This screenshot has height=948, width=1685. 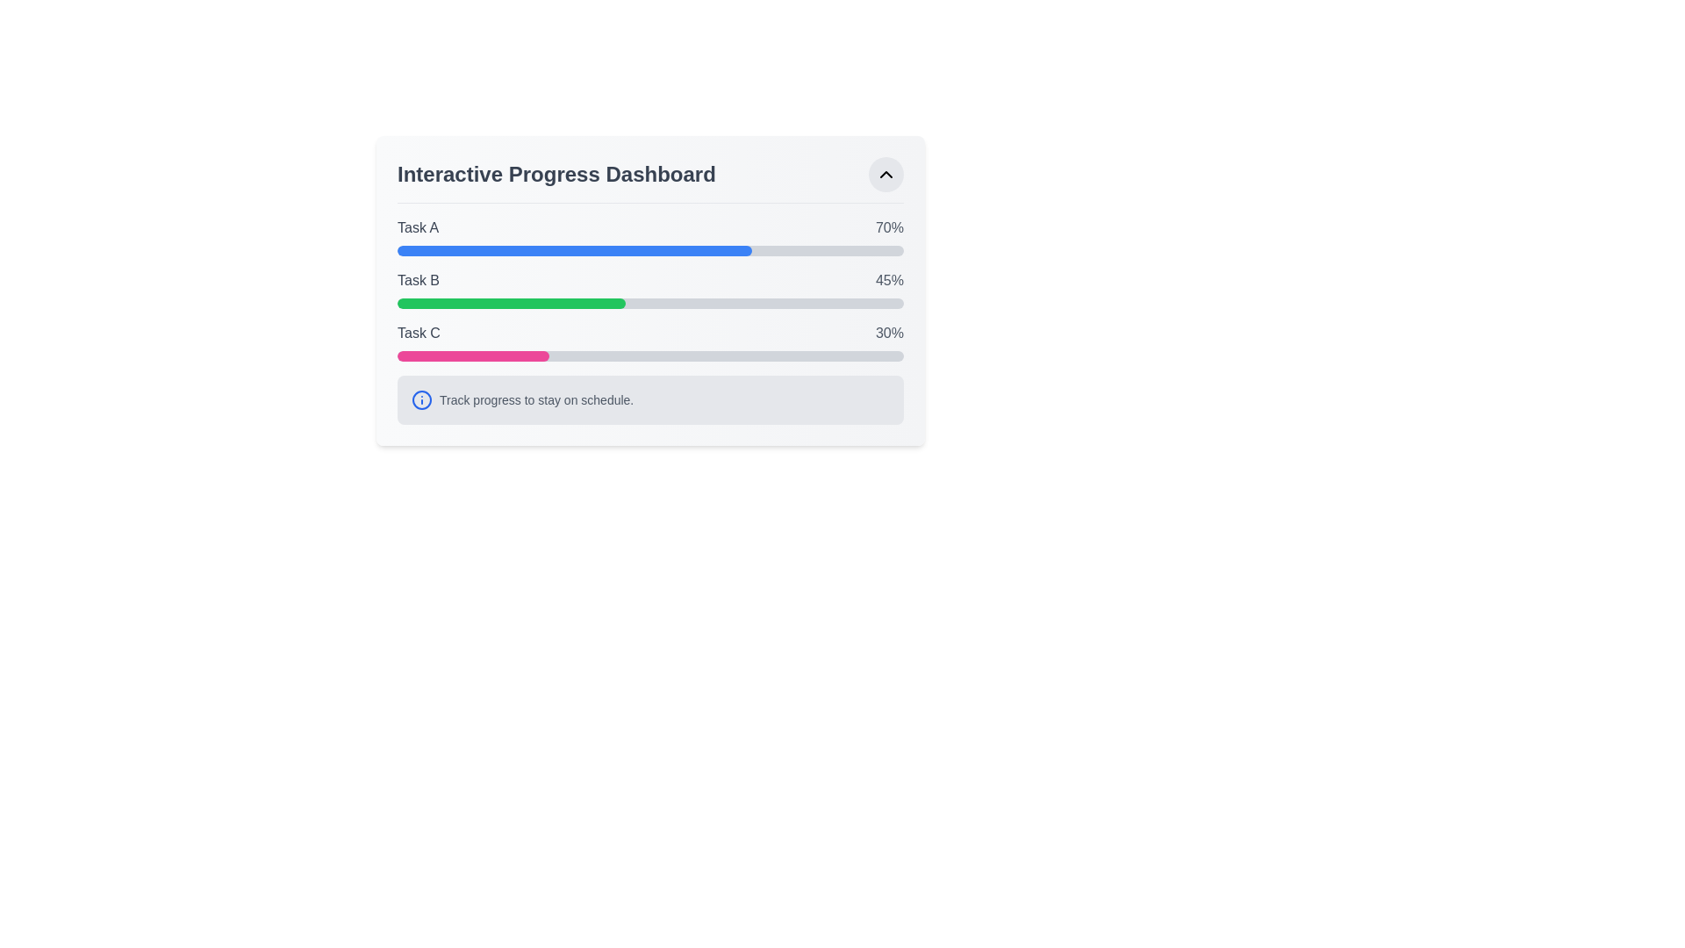 I want to click on the information icon located to the left of the text 'Track progress to stay on schedule', so click(x=421, y=399).